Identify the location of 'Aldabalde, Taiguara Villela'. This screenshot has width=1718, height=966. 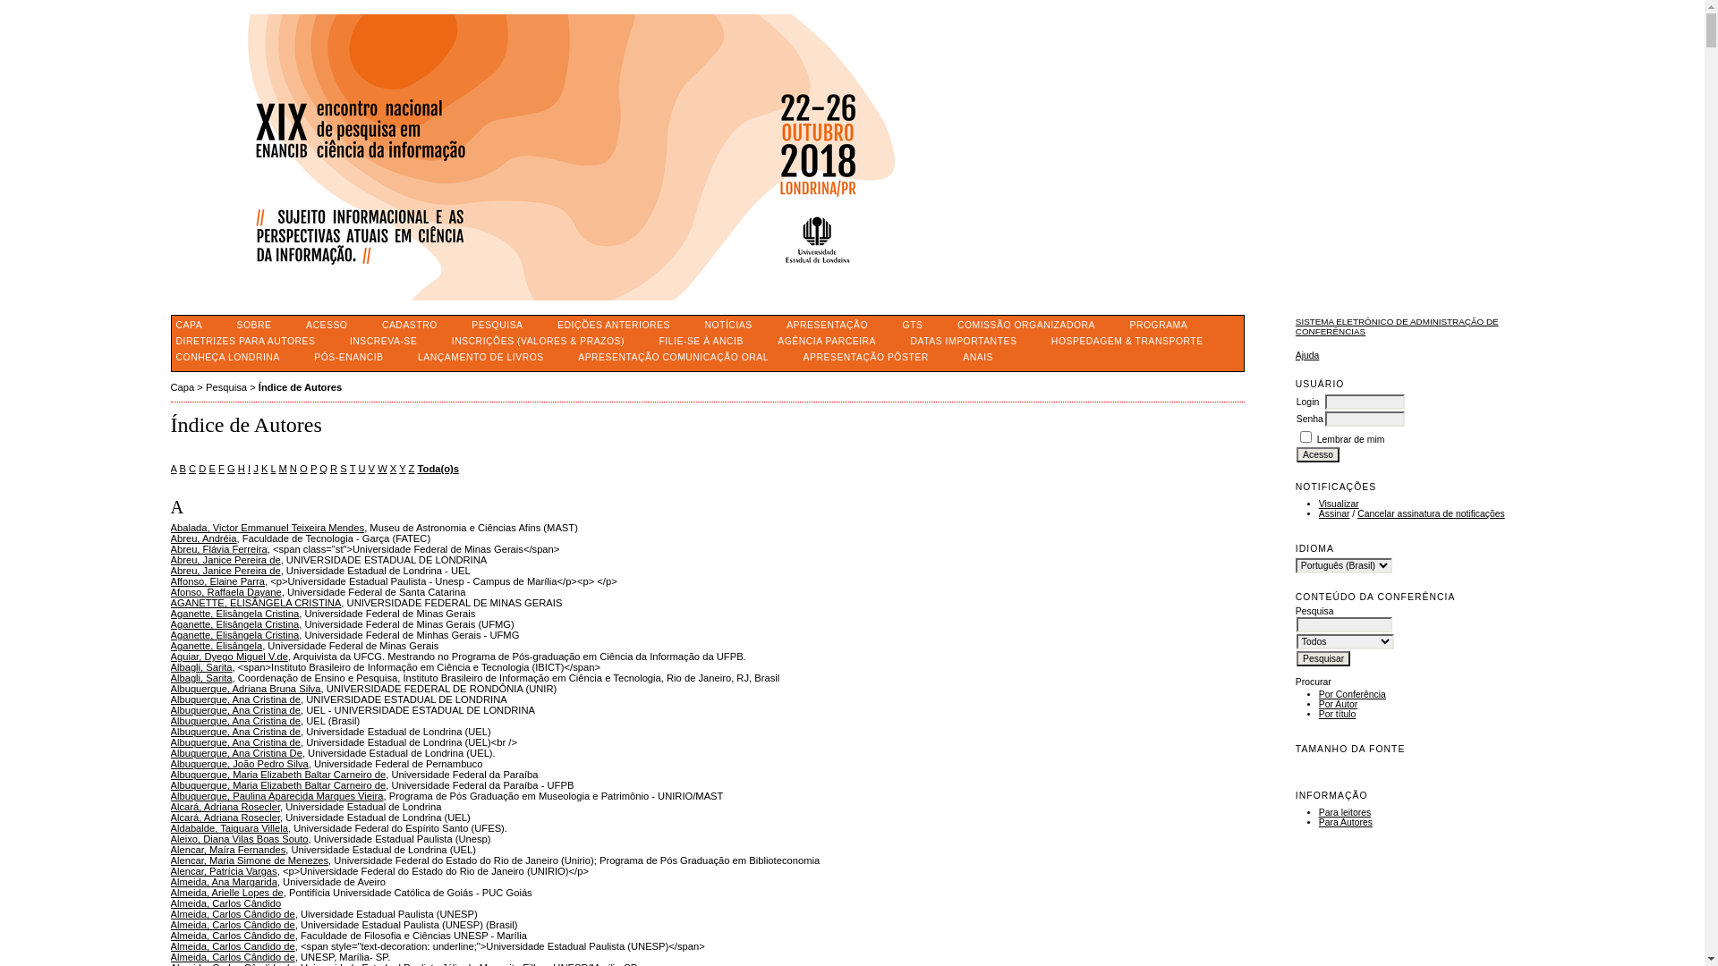
(227, 827).